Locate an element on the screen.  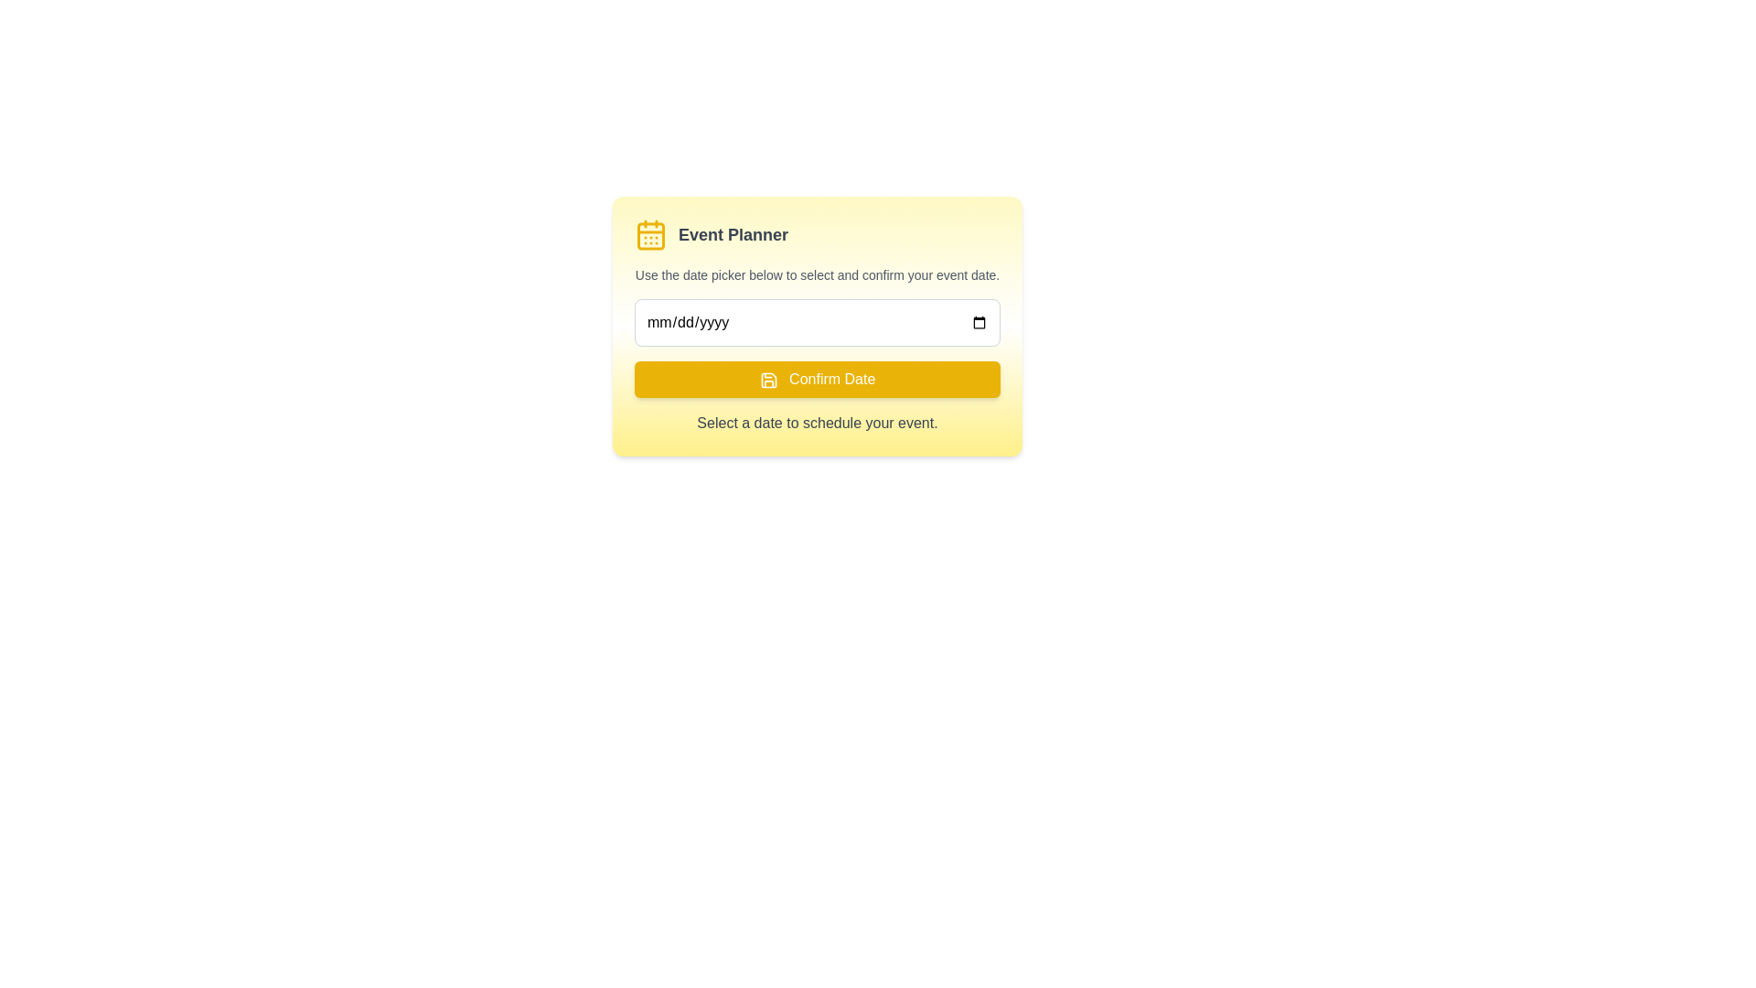
the confirmation button for the date selection within the 'Event Planner' card is located at coordinates (816, 379).